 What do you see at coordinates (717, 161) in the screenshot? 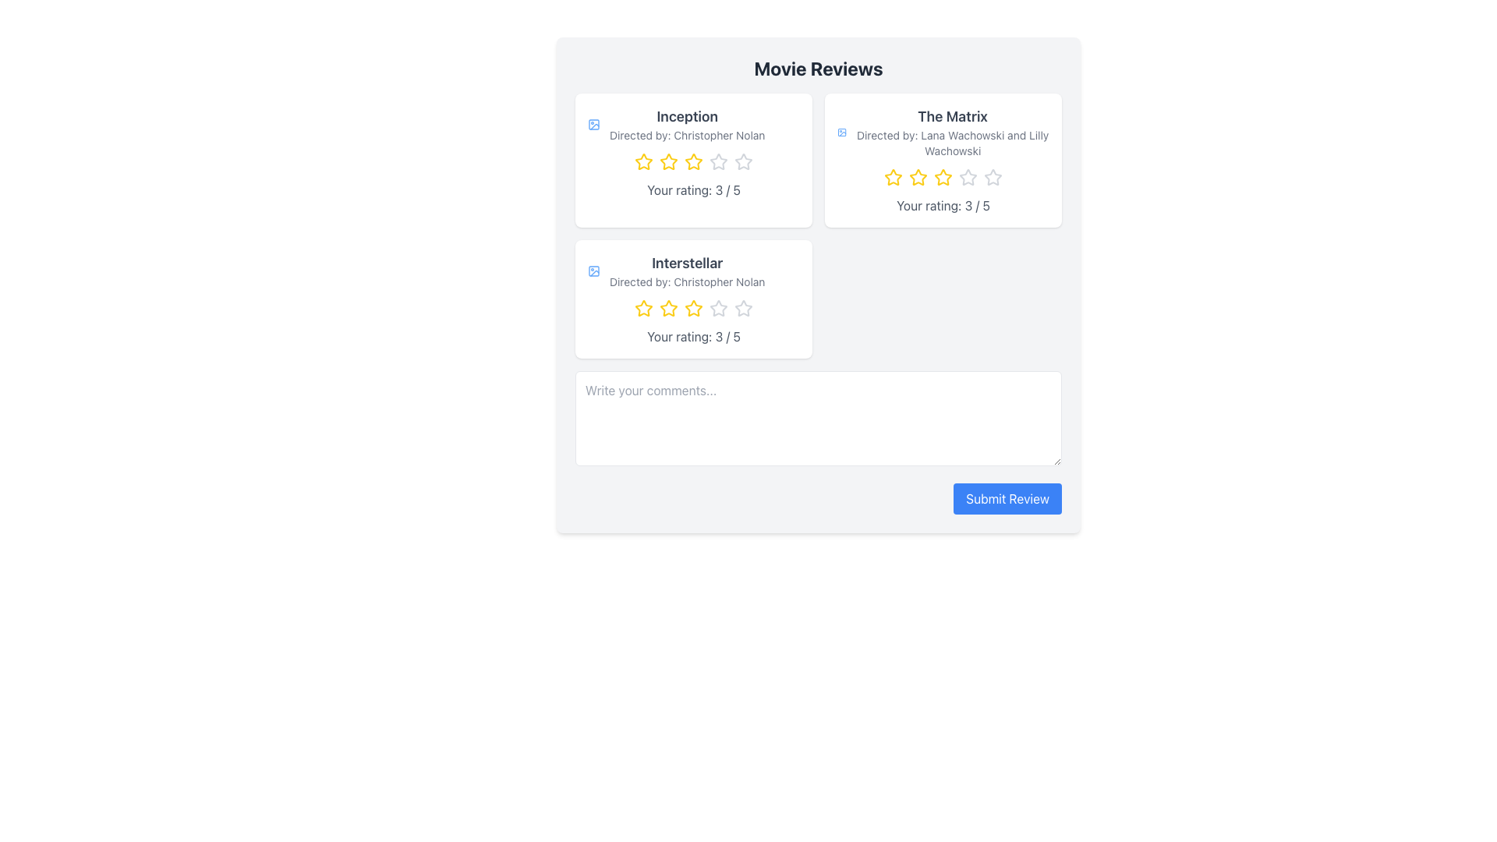
I see `the third star icon in the star rating system under the 'Inception' review card to rate it` at bounding box center [717, 161].